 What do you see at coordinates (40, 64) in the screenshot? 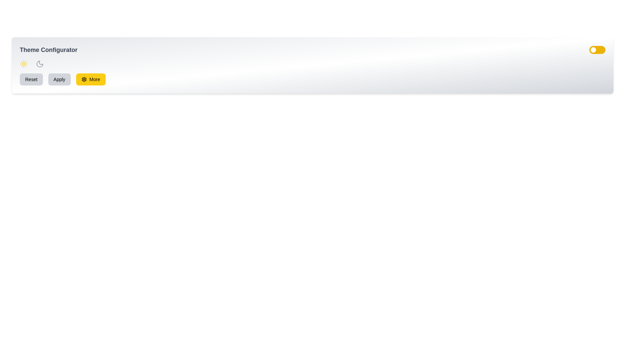
I see `the dark mode toggle icon, which is the second icon in the toolbar following the sun icon` at bounding box center [40, 64].